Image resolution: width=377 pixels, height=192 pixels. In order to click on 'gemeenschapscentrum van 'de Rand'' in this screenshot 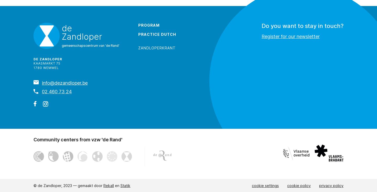, I will do `click(91, 45)`.